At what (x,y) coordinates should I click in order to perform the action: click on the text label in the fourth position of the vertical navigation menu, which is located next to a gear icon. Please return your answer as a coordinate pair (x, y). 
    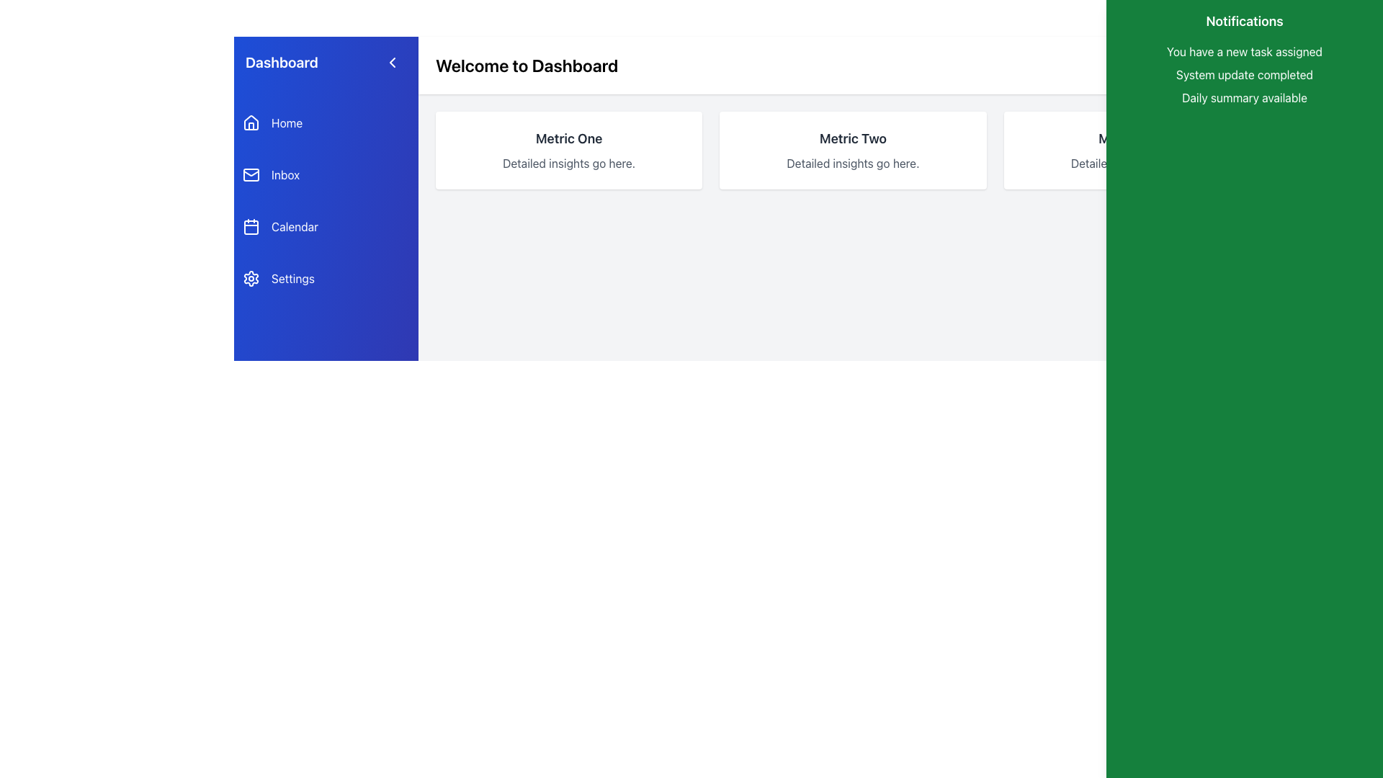
    Looking at the image, I should click on (292, 278).